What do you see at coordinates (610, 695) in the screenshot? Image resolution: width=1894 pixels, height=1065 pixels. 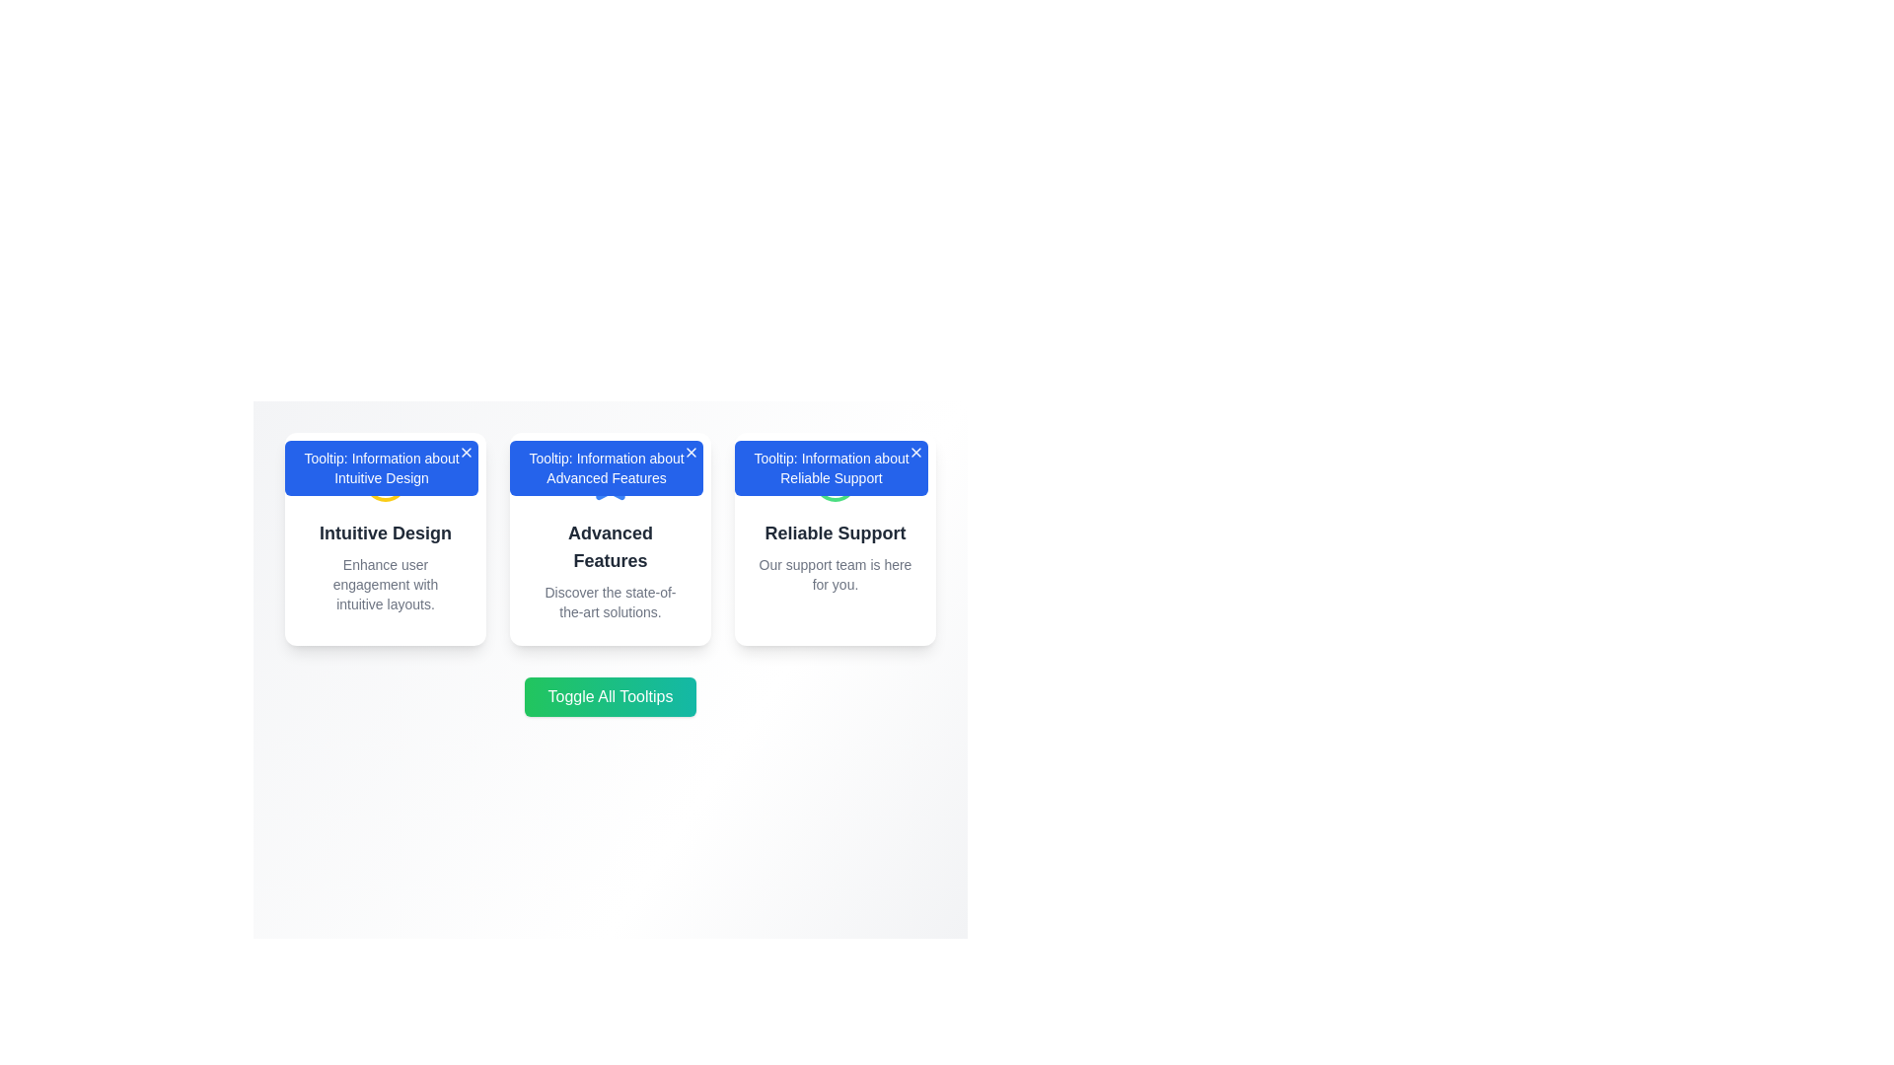 I see `the 'Toggle All Tooltips' button, which is a rectangular button with a gradient background from green to teal and white text, located below a row of three informational cards` at bounding box center [610, 695].